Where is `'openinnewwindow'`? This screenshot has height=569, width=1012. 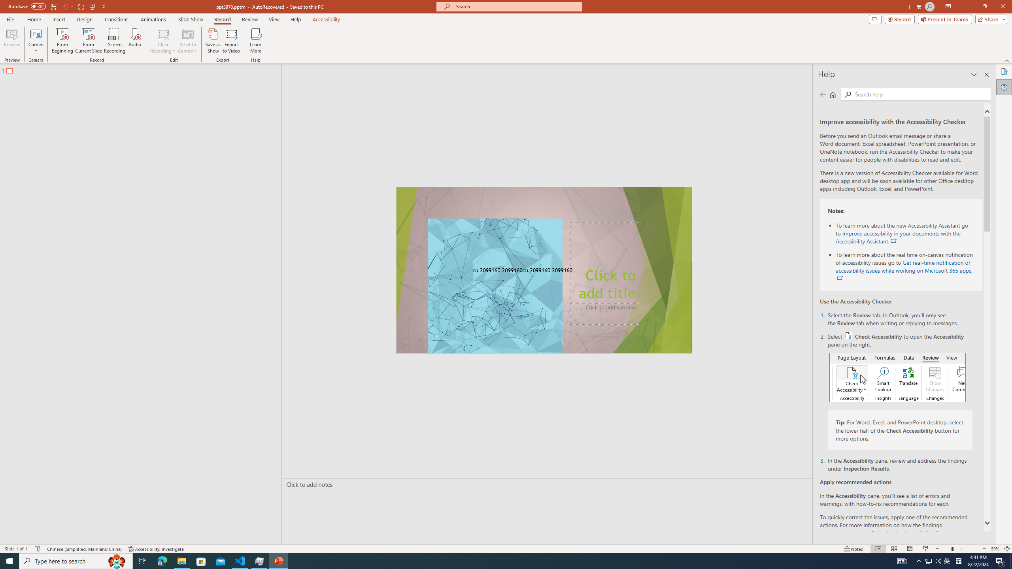 'openinnewwindow' is located at coordinates (839, 278).